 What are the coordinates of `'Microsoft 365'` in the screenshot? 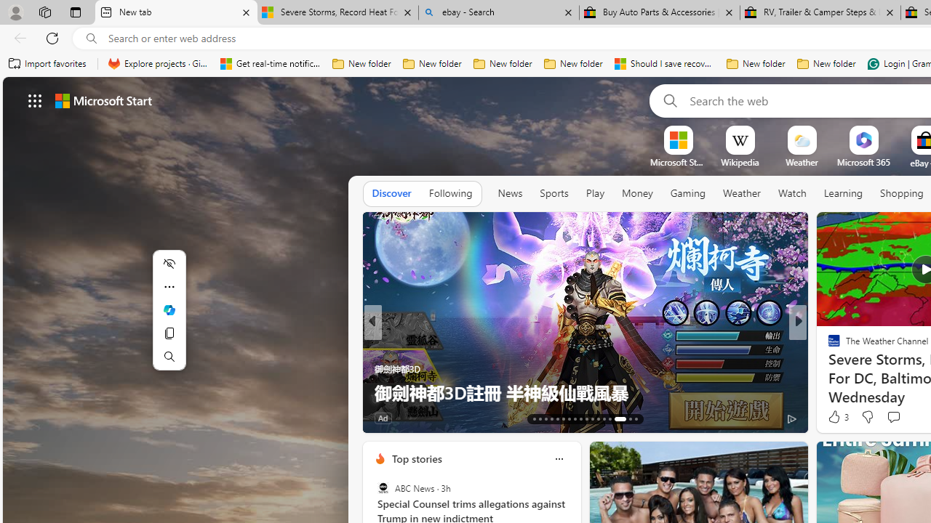 It's located at (863, 162).